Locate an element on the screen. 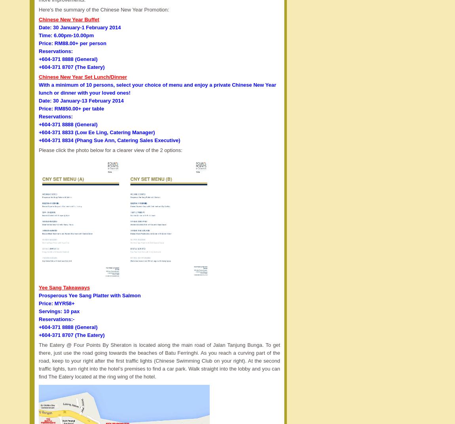 This screenshot has height=424, width=455. 'Chinese New Year Set Lunch/Dinner' is located at coordinates (82, 76).